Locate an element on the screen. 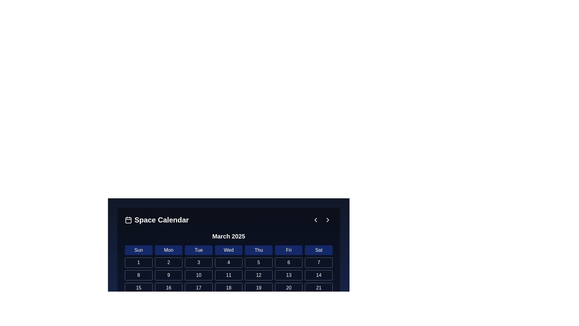 This screenshot has height=326, width=579. the Label representing the seventh day of the month in the calendar interface, located in the rightmost cell of the second row under the 'Sat' header is located at coordinates (318, 262).